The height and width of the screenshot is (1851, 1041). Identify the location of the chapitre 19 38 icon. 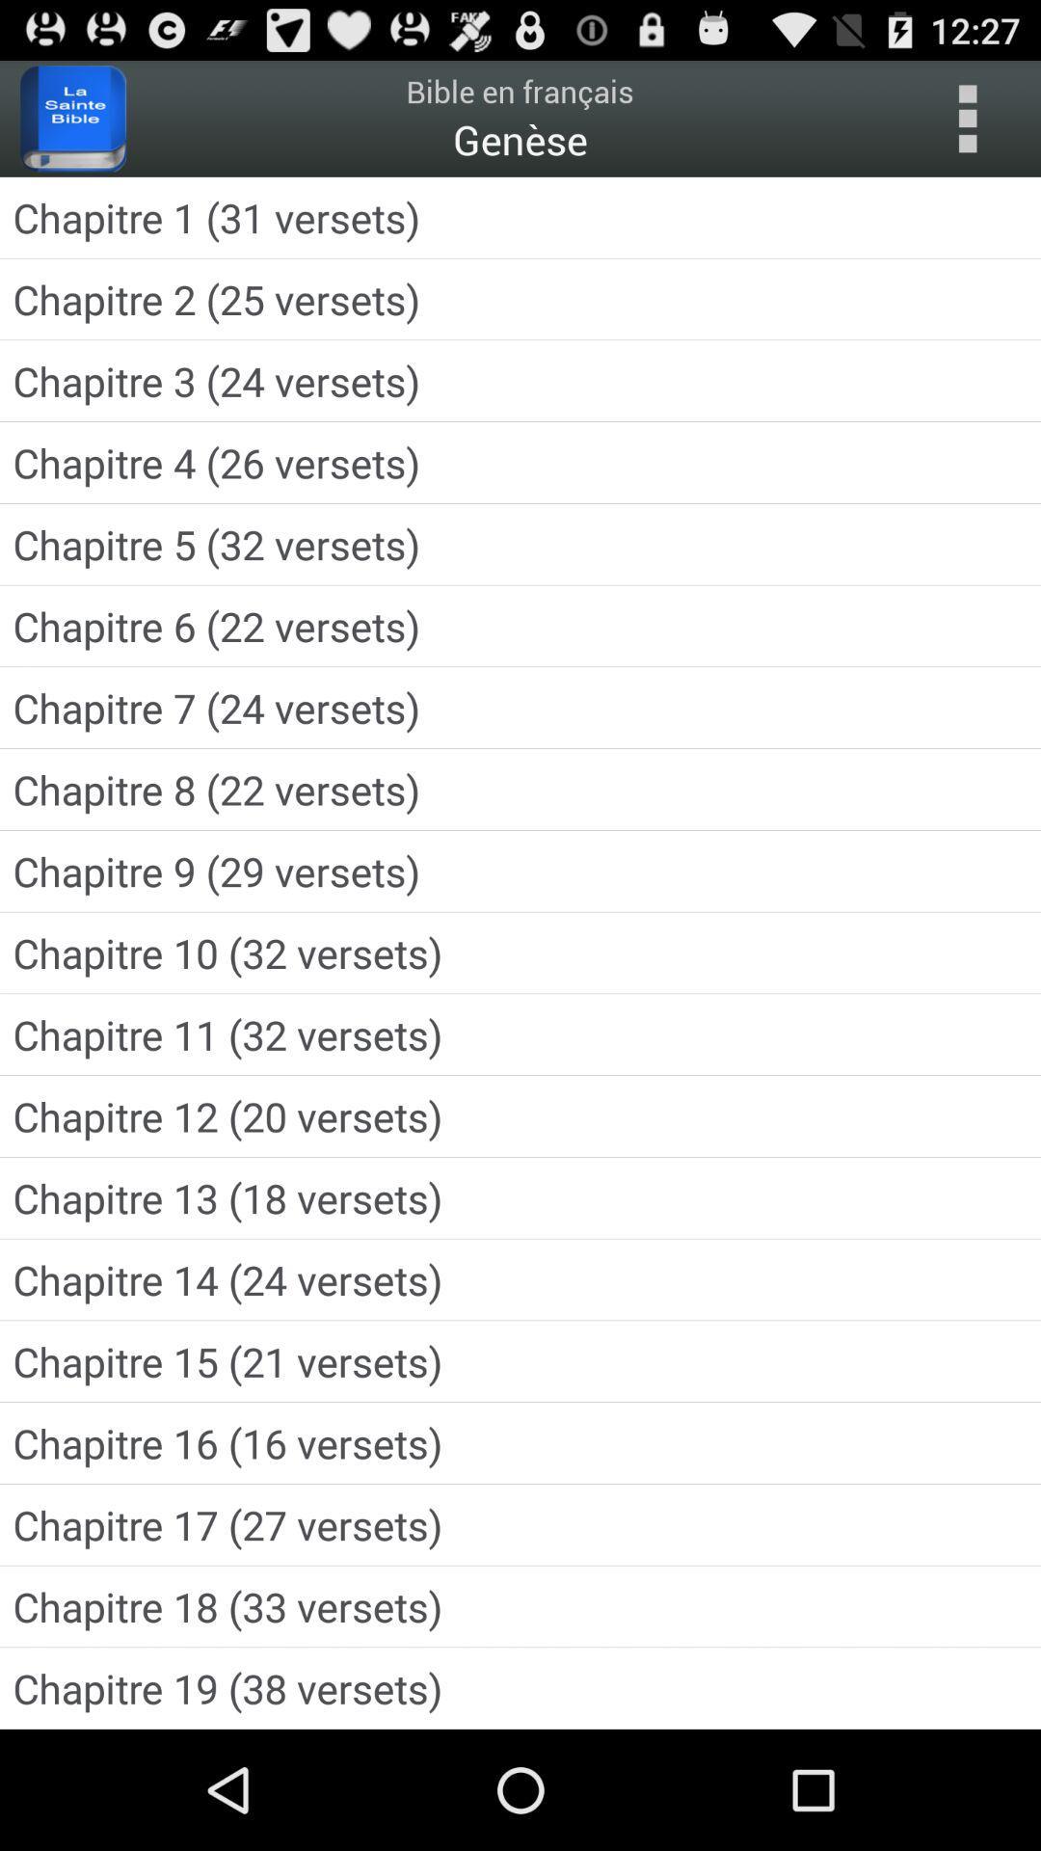
(520, 1687).